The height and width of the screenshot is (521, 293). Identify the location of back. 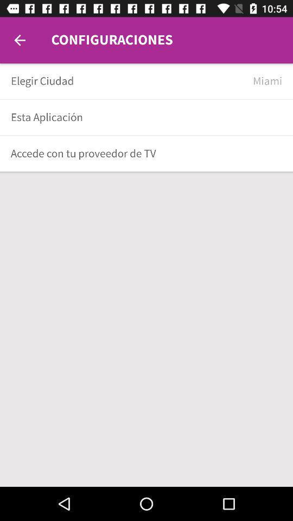
(20, 40).